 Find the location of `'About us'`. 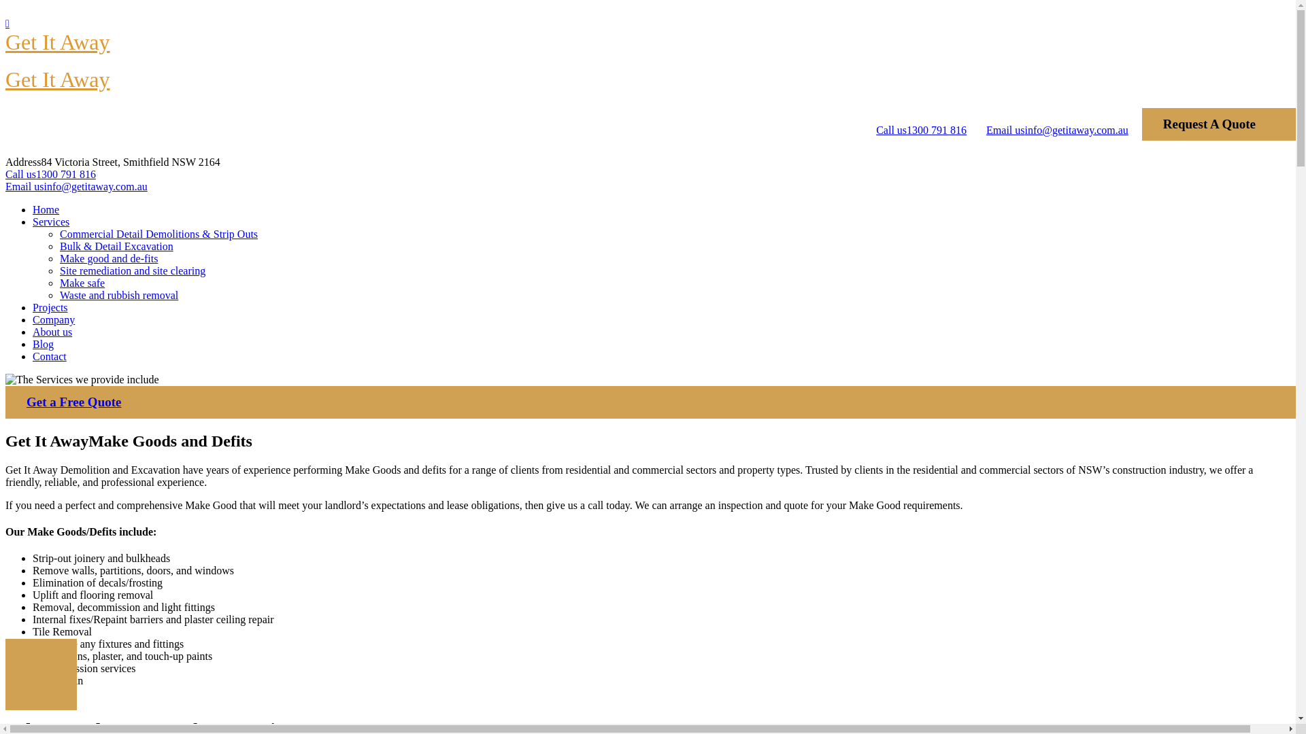

'About us' is located at coordinates (52, 332).